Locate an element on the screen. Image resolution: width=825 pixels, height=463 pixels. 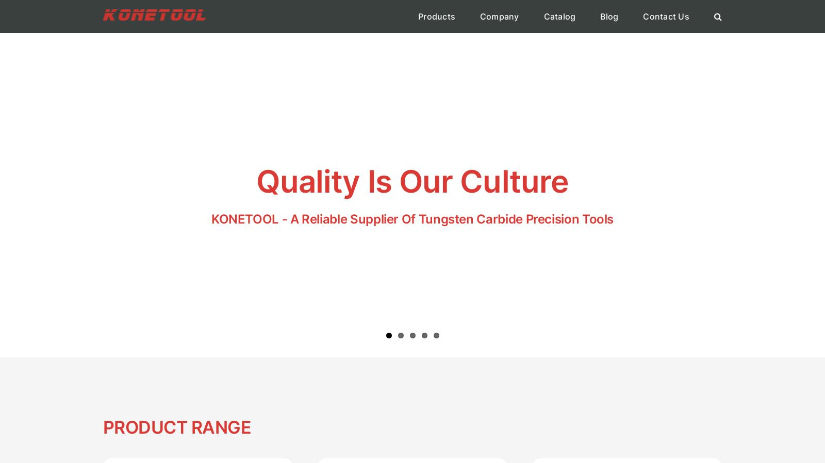
'Quality Is Our Culture' is located at coordinates (412, 180).